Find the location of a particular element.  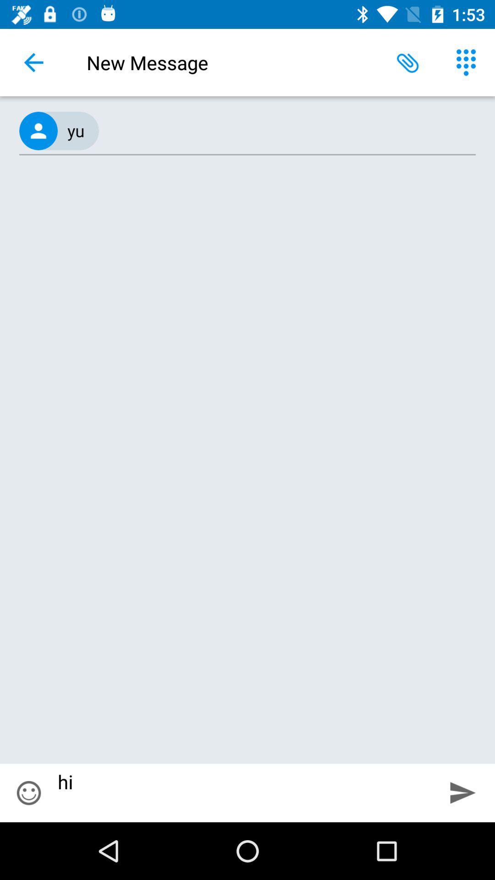

smile image is located at coordinates (28, 792).